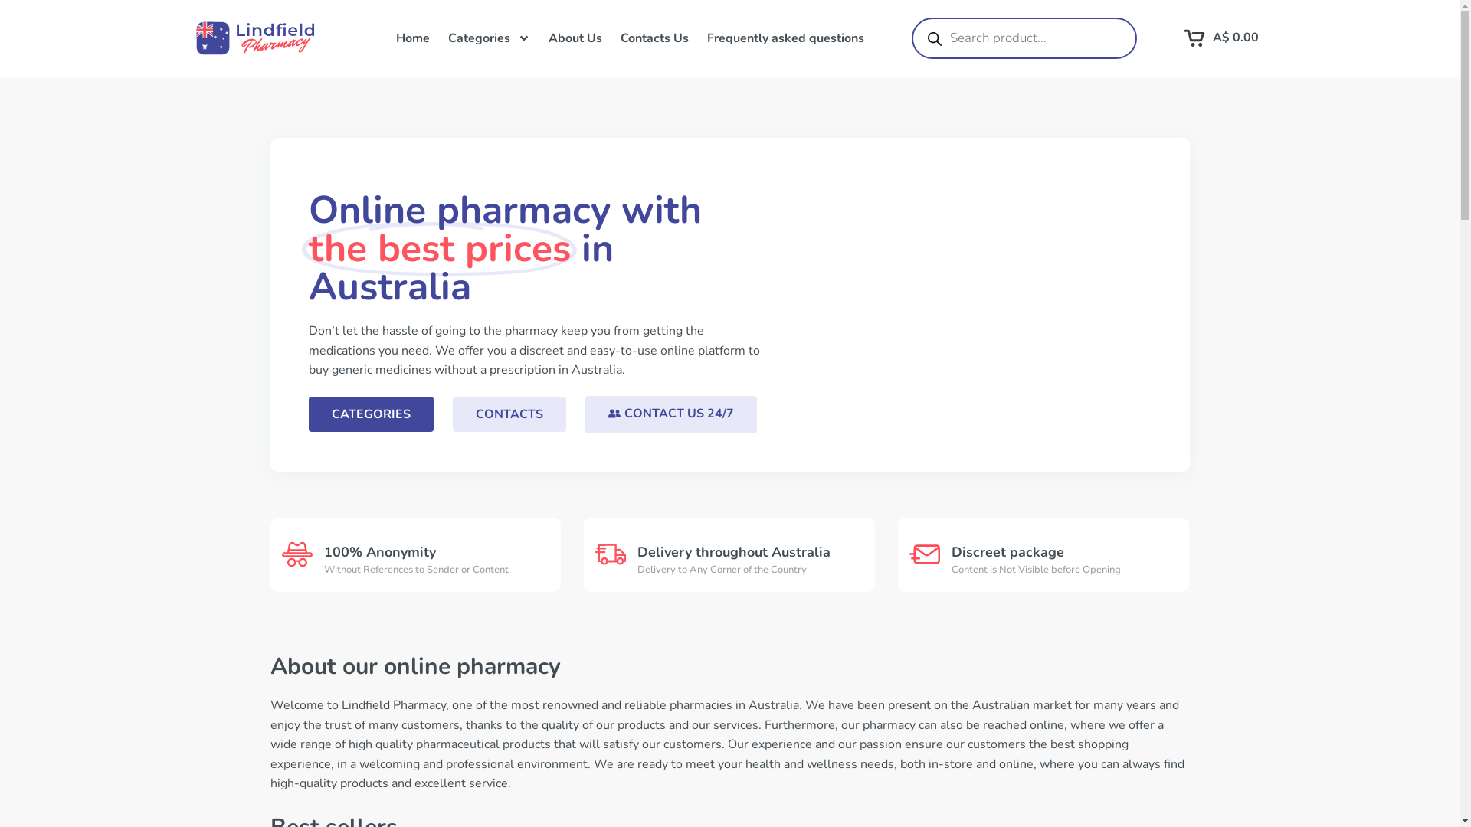  What do you see at coordinates (539, 38) in the screenshot?
I see `'About Us'` at bounding box center [539, 38].